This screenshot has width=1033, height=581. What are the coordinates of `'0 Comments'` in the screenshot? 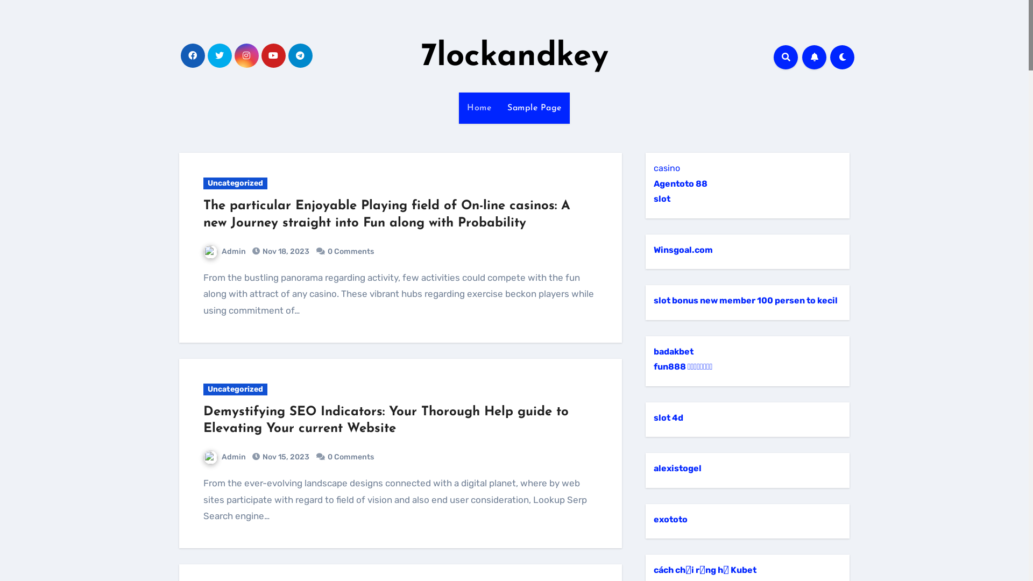 It's located at (351, 251).